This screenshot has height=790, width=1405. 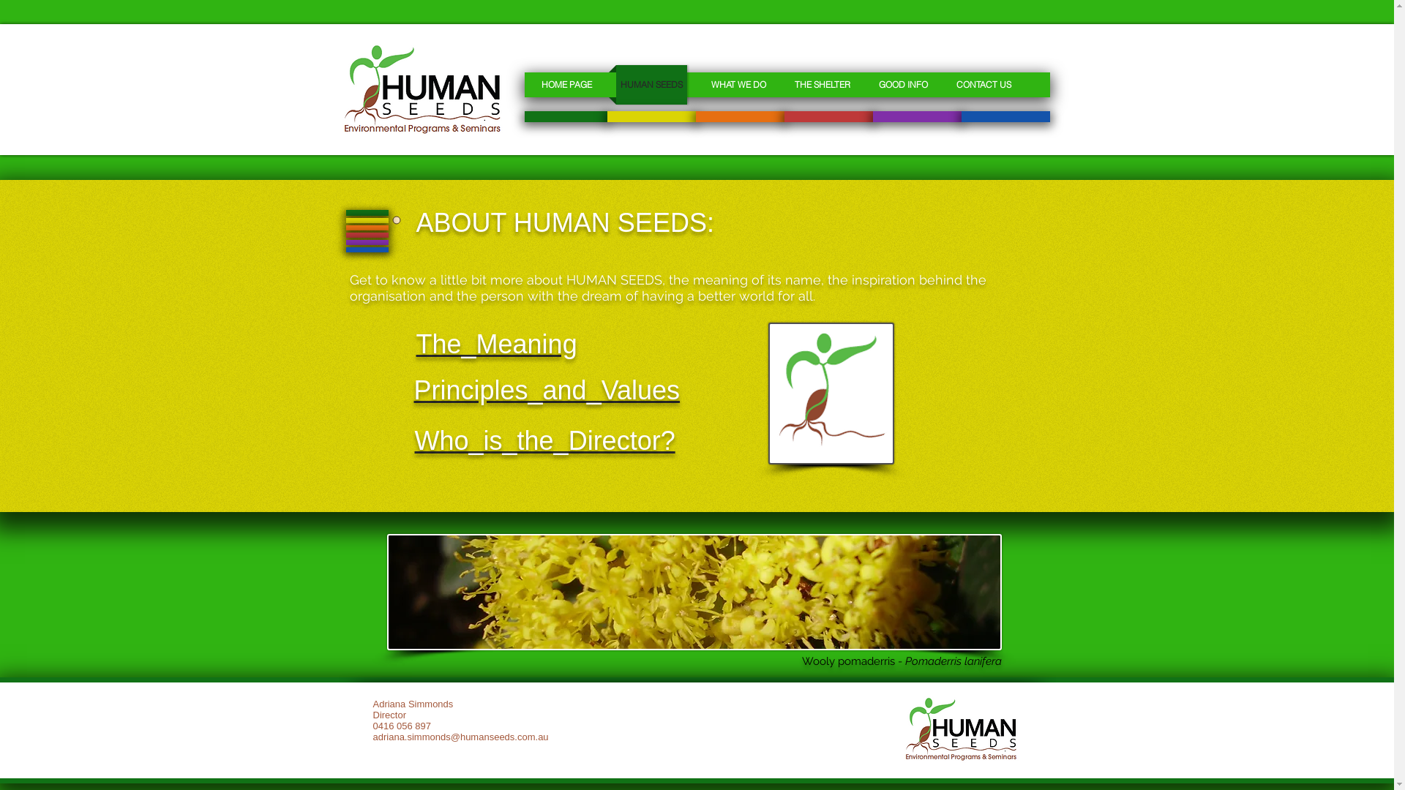 I want to click on 'WHAT WE DO', so click(x=738, y=84).